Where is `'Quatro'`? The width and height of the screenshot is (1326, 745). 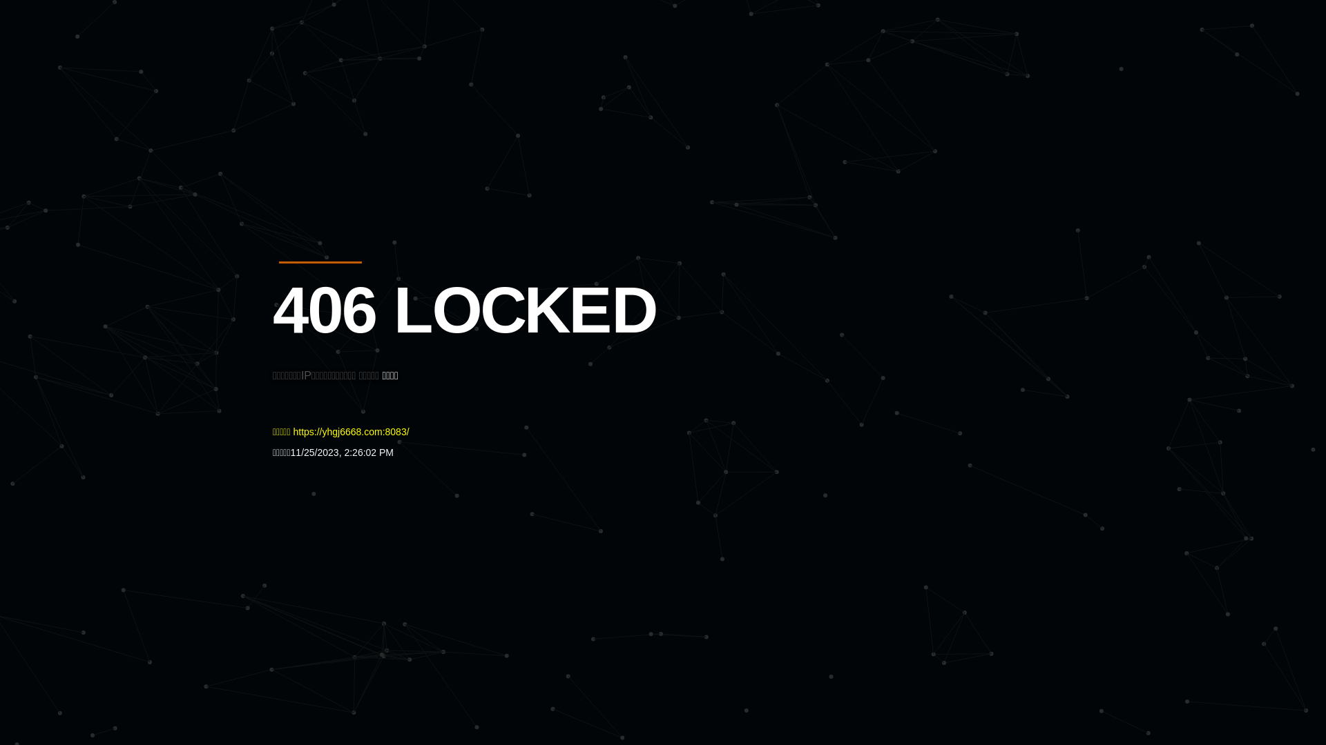 'Quatro' is located at coordinates (374, 79).